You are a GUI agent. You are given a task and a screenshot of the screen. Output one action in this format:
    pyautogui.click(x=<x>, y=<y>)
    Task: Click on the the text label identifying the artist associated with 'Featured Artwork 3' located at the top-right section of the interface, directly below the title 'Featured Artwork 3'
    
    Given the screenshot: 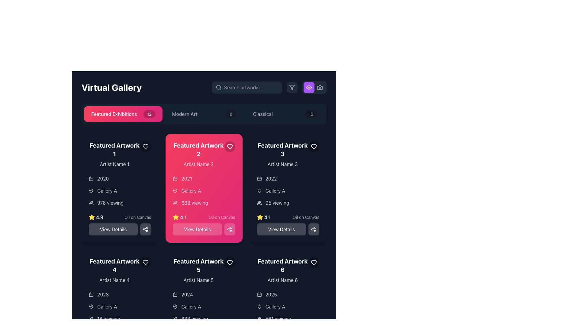 What is the action you would take?
    pyautogui.click(x=282, y=164)
    